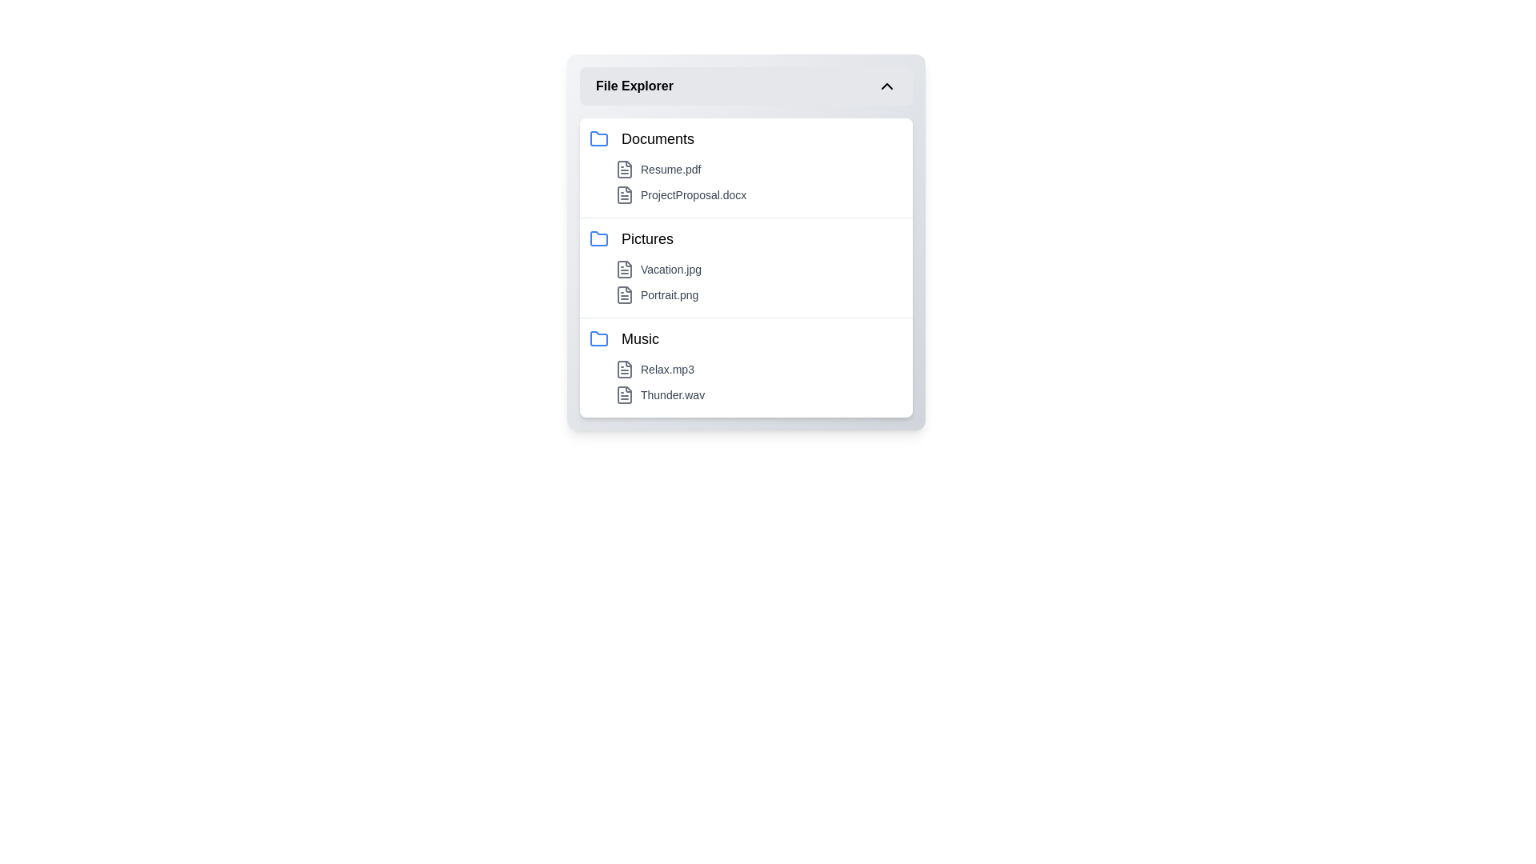  I want to click on the folder named Pictures to select it, so click(745, 239).